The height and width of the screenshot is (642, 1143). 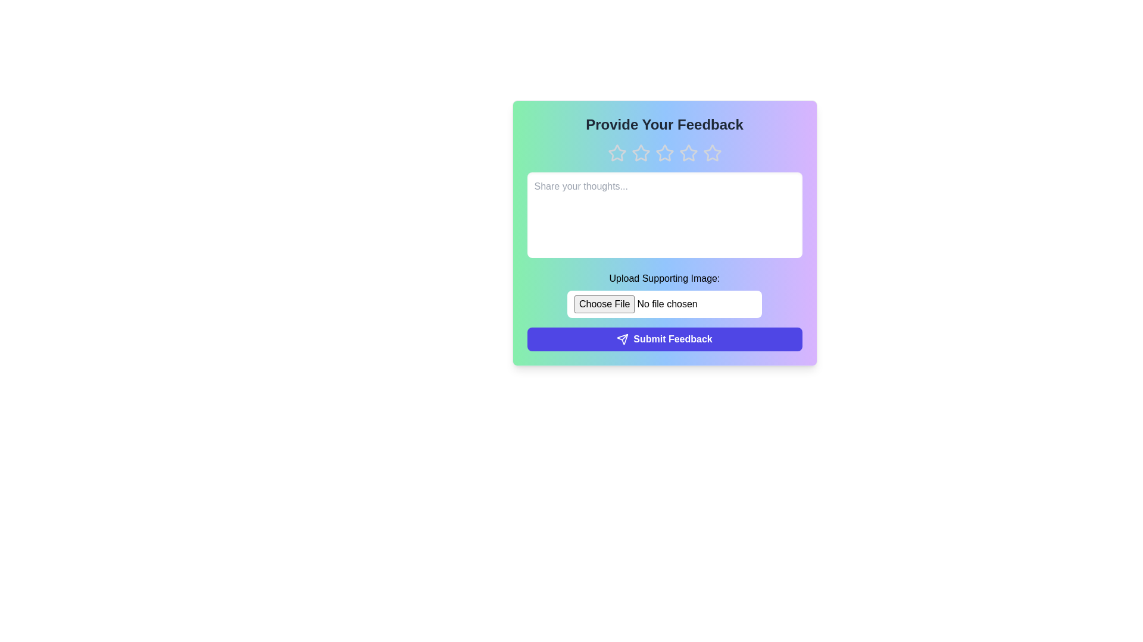 I want to click on the 'Choose File' button in the File input field located within the 'Provide Your Feedback' card, so click(x=664, y=294).